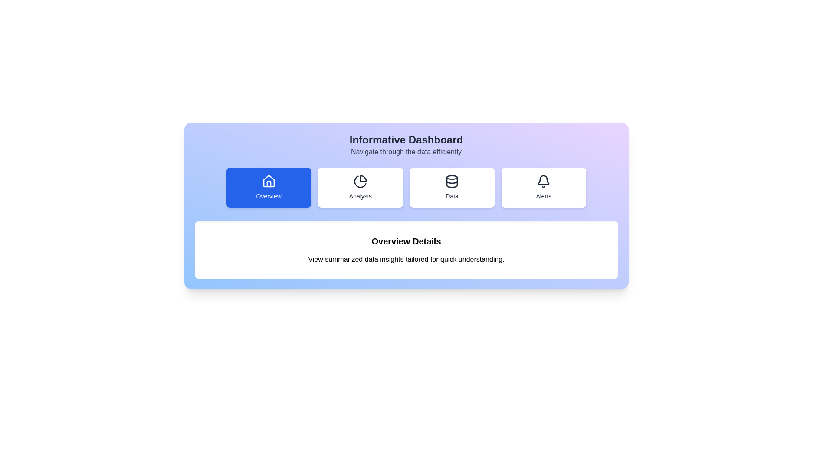  Describe the element at coordinates (543, 179) in the screenshot. I see `the bell icon within the 'Alerts' card` at that location.